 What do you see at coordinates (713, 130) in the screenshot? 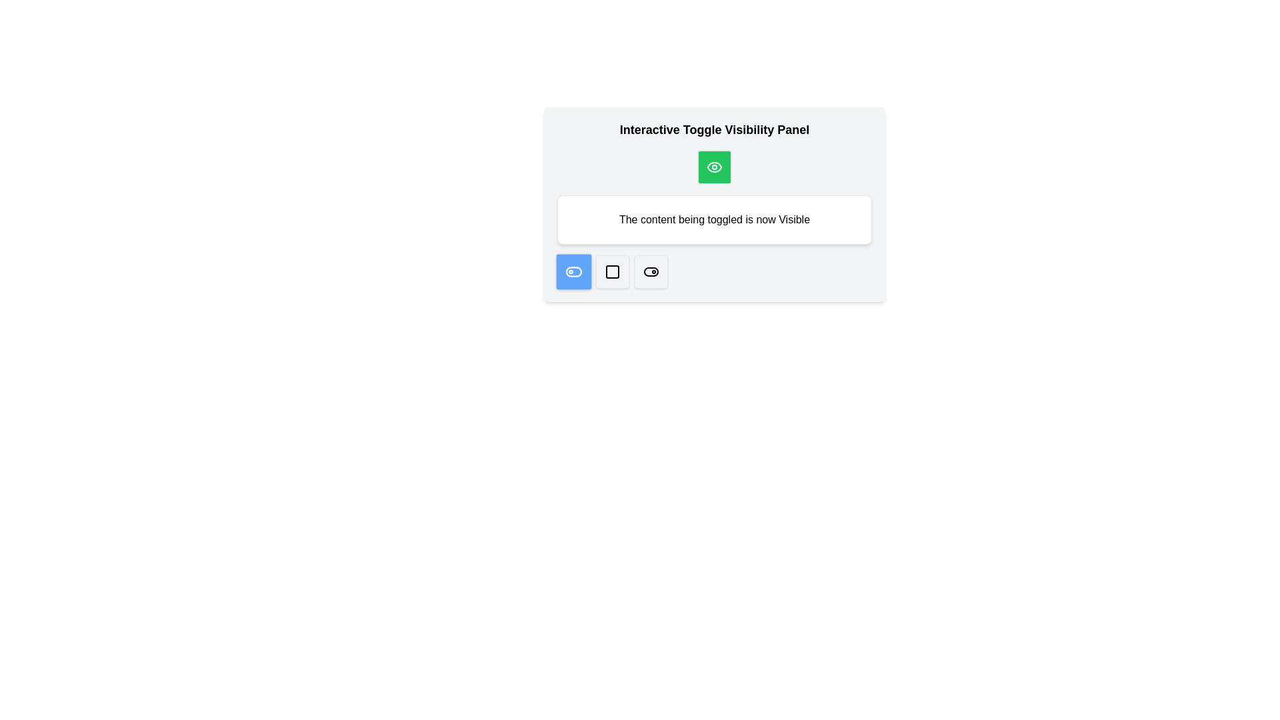
I see `text content of the header labeled 'Interactive Toggle Visibility Panel', which is styled in bold and larger font, positioned above a green button with an eye icon` at bounding box center [713, 130].